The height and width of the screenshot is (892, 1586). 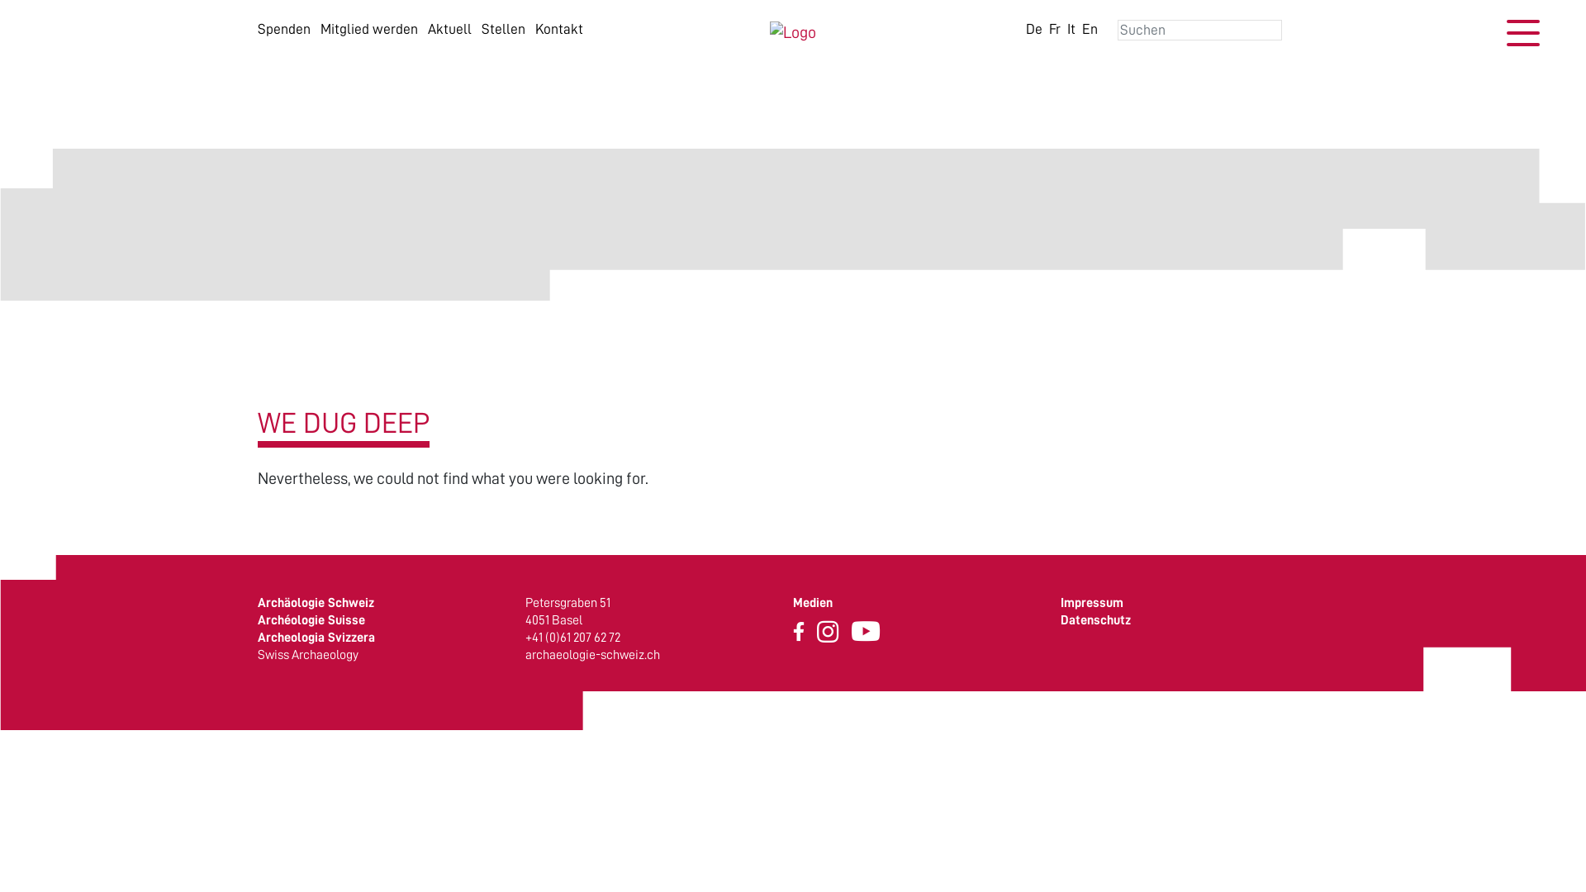 I want to click on 'It', so click(x=1071, y=28).